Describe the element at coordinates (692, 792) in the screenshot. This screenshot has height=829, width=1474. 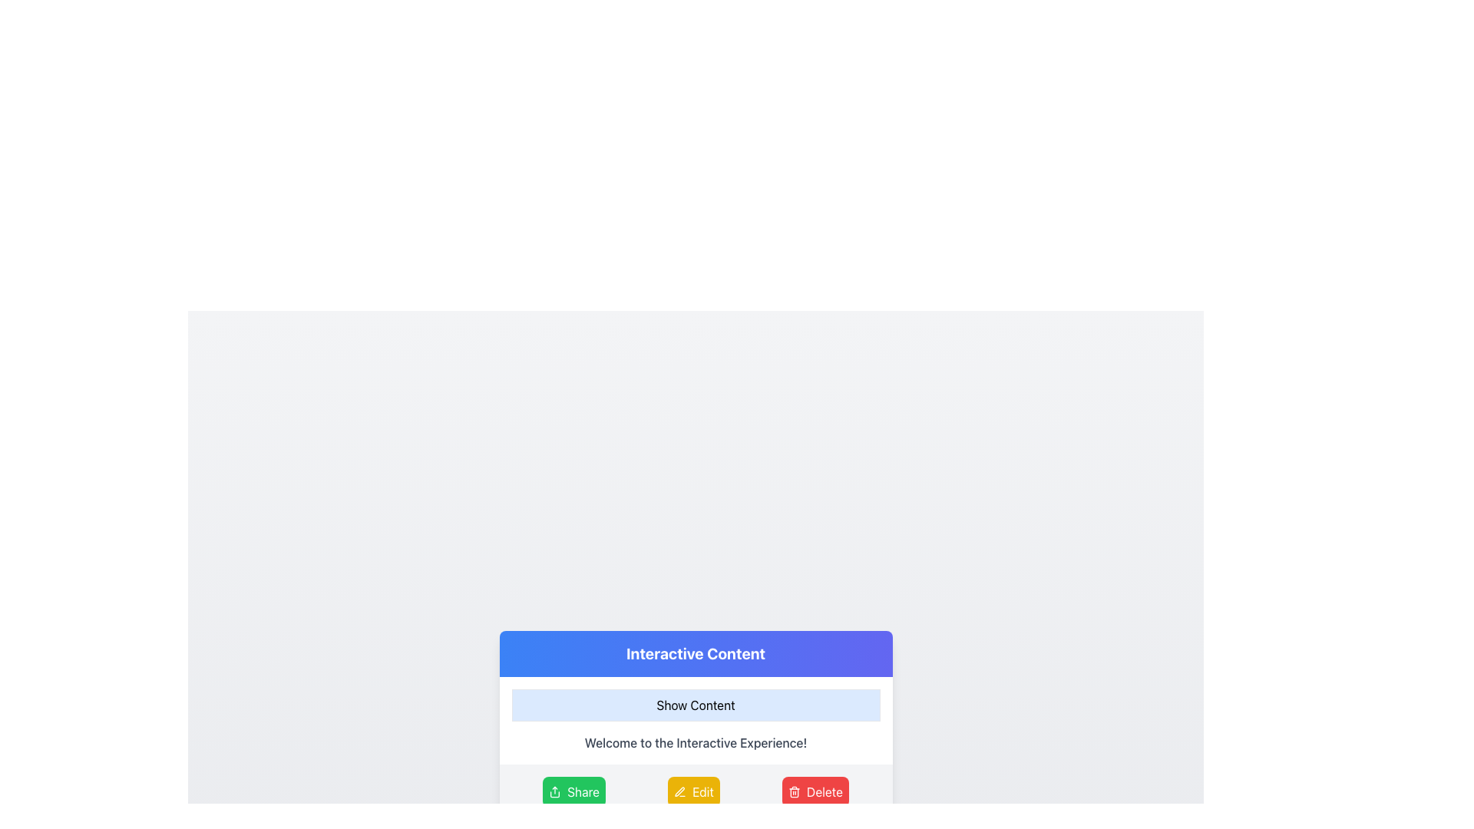
I see `the second button in a row of three, located between the 'Share' and 'Delete' buttons` at that location.